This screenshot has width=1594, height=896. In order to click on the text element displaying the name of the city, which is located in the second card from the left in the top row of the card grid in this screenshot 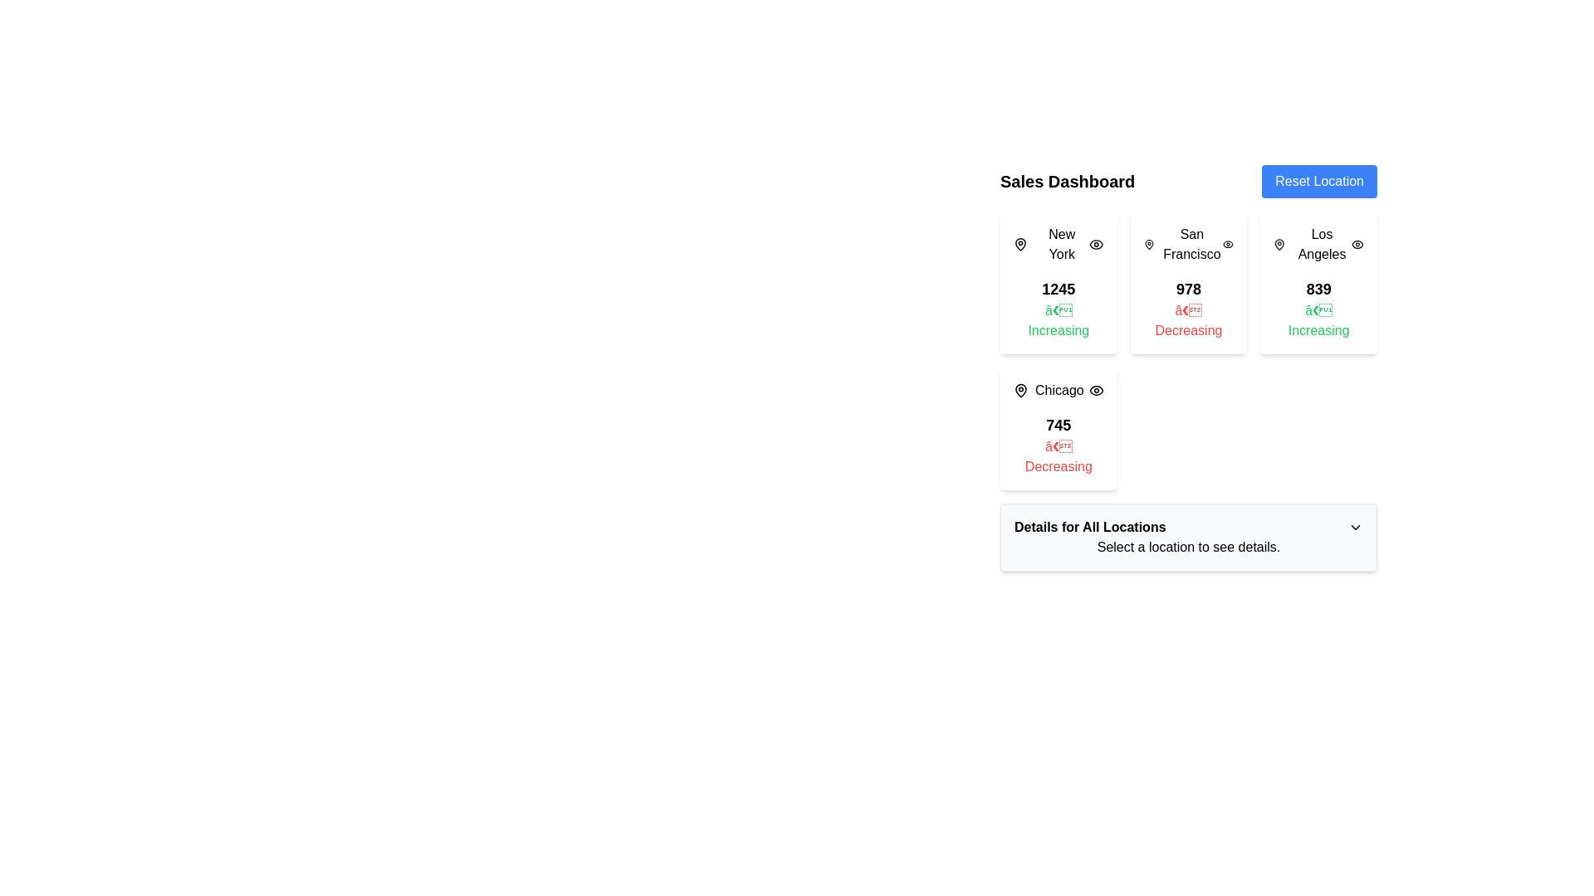, I will do `click(1191, 244)`.